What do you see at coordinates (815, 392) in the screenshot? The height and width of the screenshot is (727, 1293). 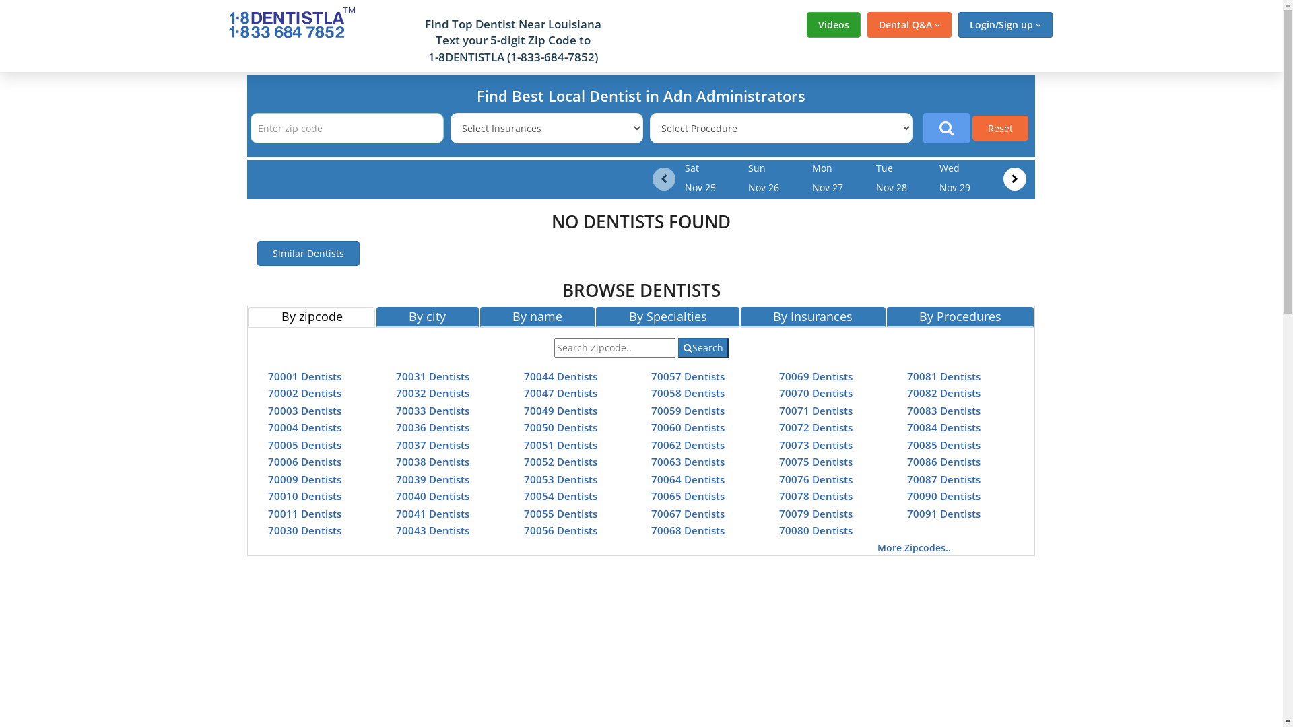 I see `'70070 Dentists'` at bounding box center [815, 392].